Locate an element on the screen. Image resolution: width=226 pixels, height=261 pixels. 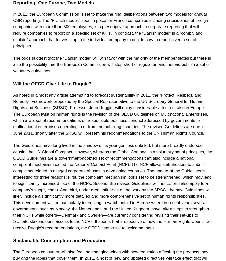
'| Good Health Is Good Business' is located at coordinates (79, 1).